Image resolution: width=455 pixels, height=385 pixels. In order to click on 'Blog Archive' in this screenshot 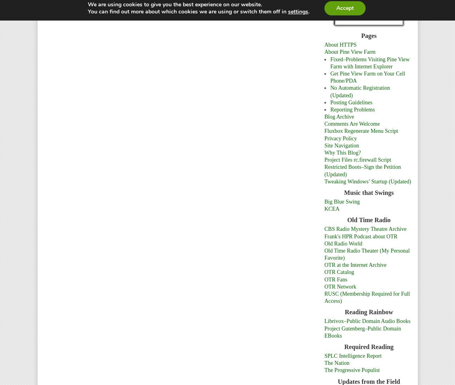, I will do `click(339, 116)`.